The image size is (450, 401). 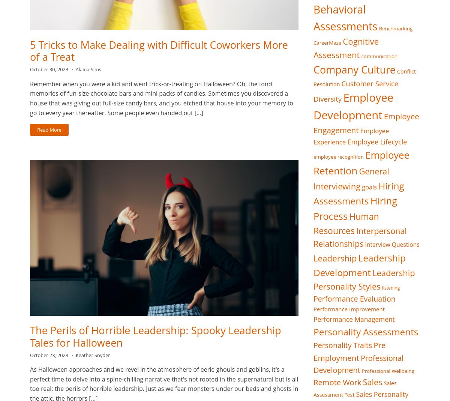 What do you see at coordinates (75, 354) in the screenshot?
I see `'Keather Snyder'` at bounding box center [75, 354].